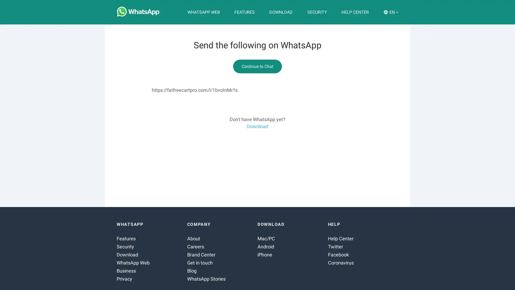  I want to click on EN, so click(391, 12).